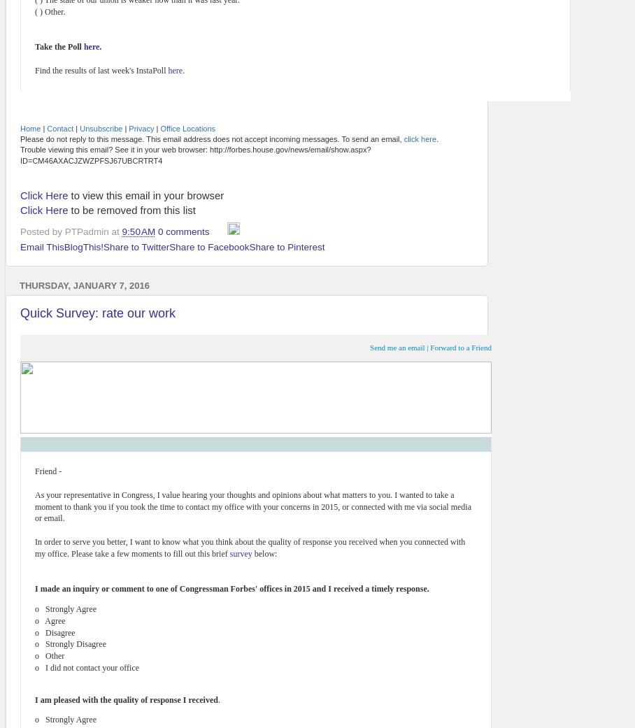 The image size is (635, 728). What do you see at coordinates (35, 656) in the screenshot?
I see `'o   Other'` at bounding box center [35, 656].